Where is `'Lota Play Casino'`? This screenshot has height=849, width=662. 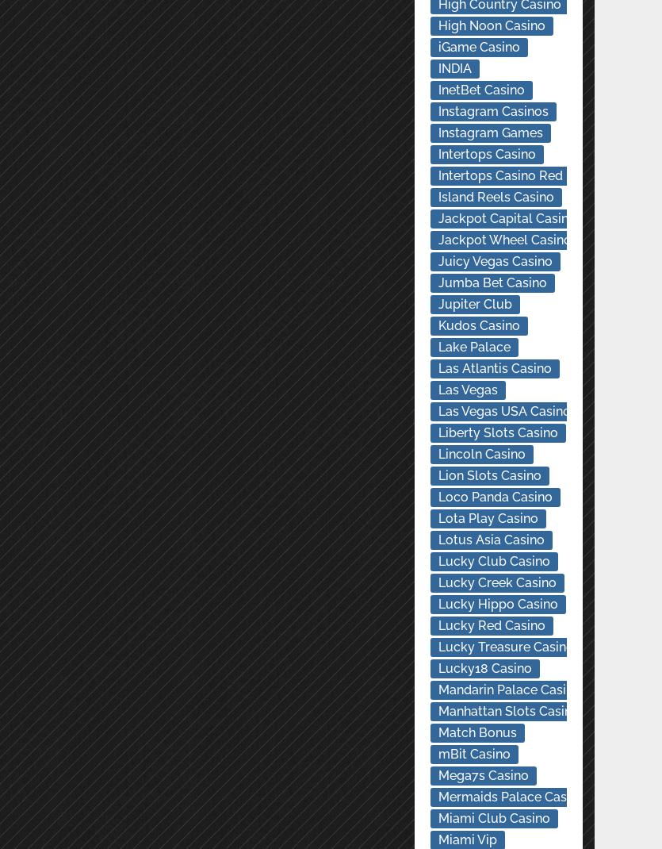
'Lota Play Casino' is located at coordinates (486, 518).